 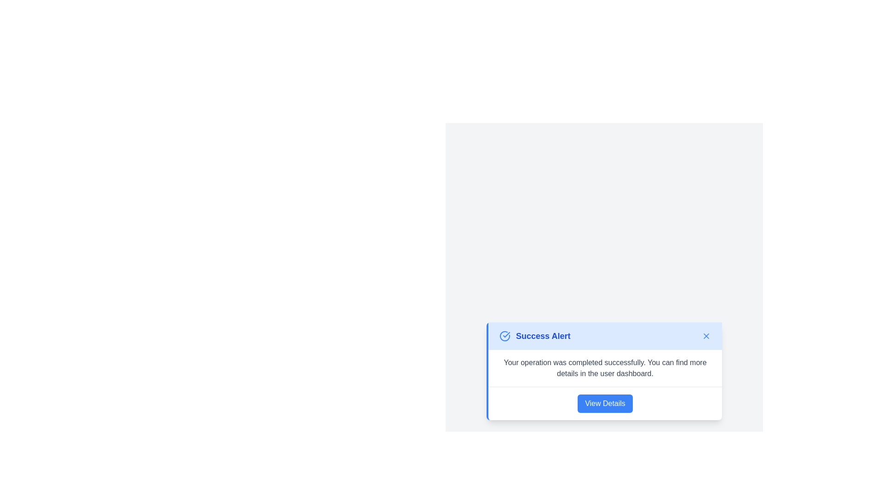 I want to click on the 'View Details' button, which is a blue button with white text located at the bottom of the success alert panel, so click(x=605, y=403).